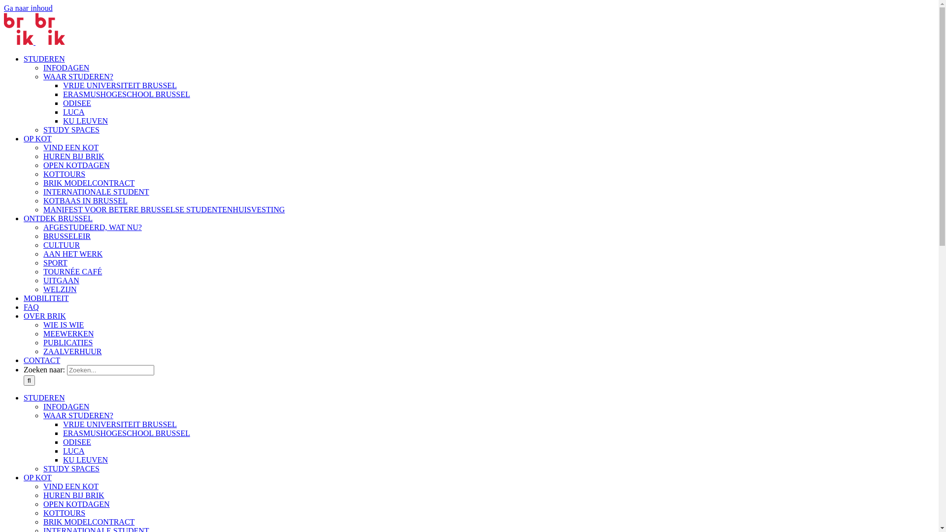  I want to click on 'CONTACT', so click(41, 360).